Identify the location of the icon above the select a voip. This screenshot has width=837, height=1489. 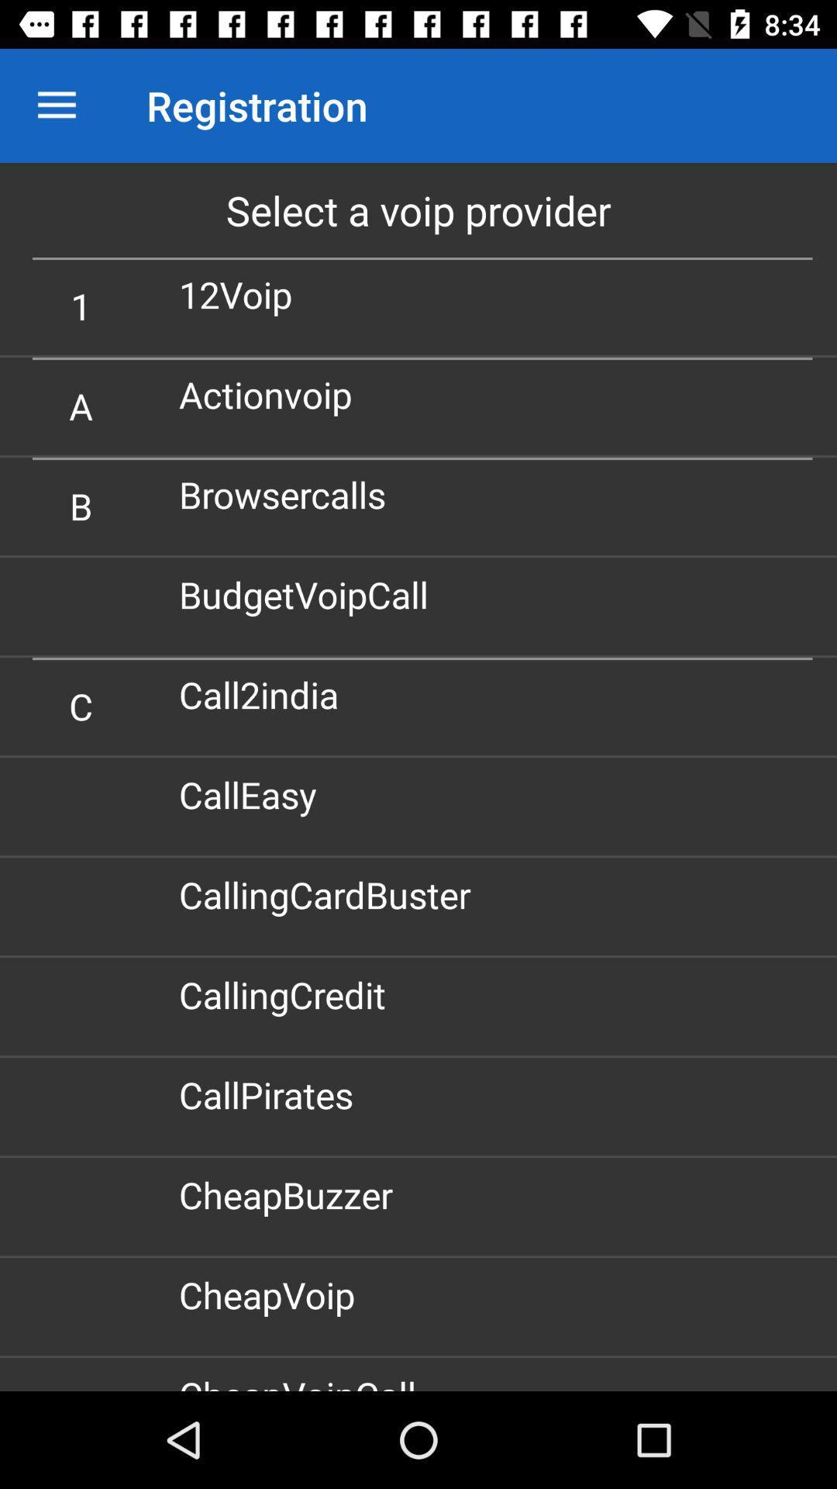
(56, 105).